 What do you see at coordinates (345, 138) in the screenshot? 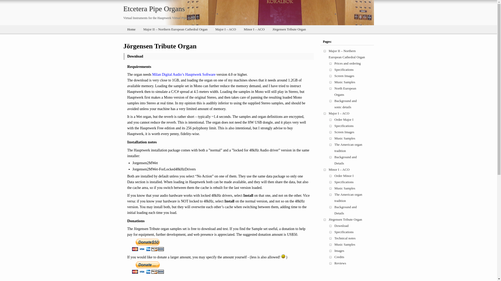
I see `'Music Samples'` at bounding box center [345, 138].